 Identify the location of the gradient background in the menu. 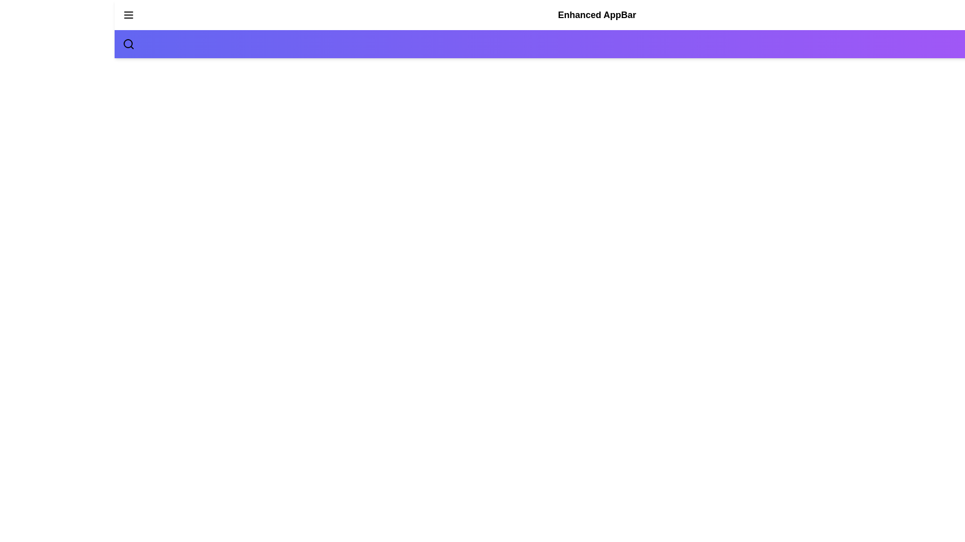
(597, 44).